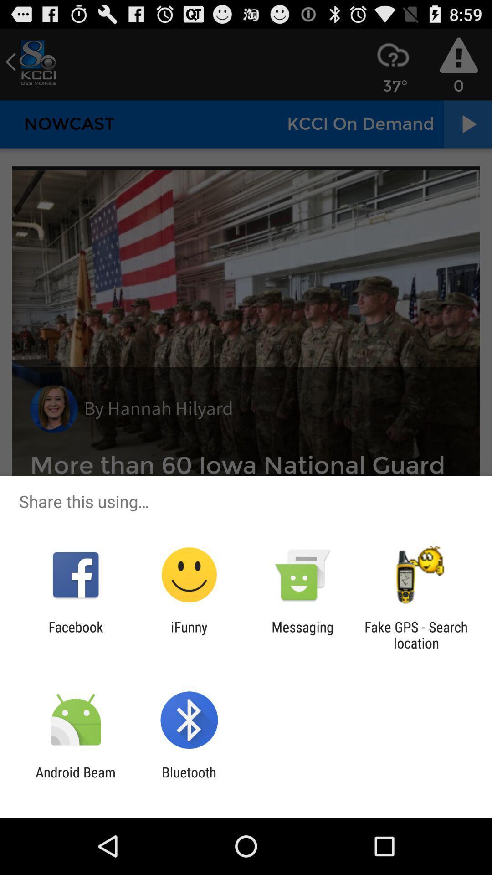  I want to click on the item next to the android beam, so click(189, 780).